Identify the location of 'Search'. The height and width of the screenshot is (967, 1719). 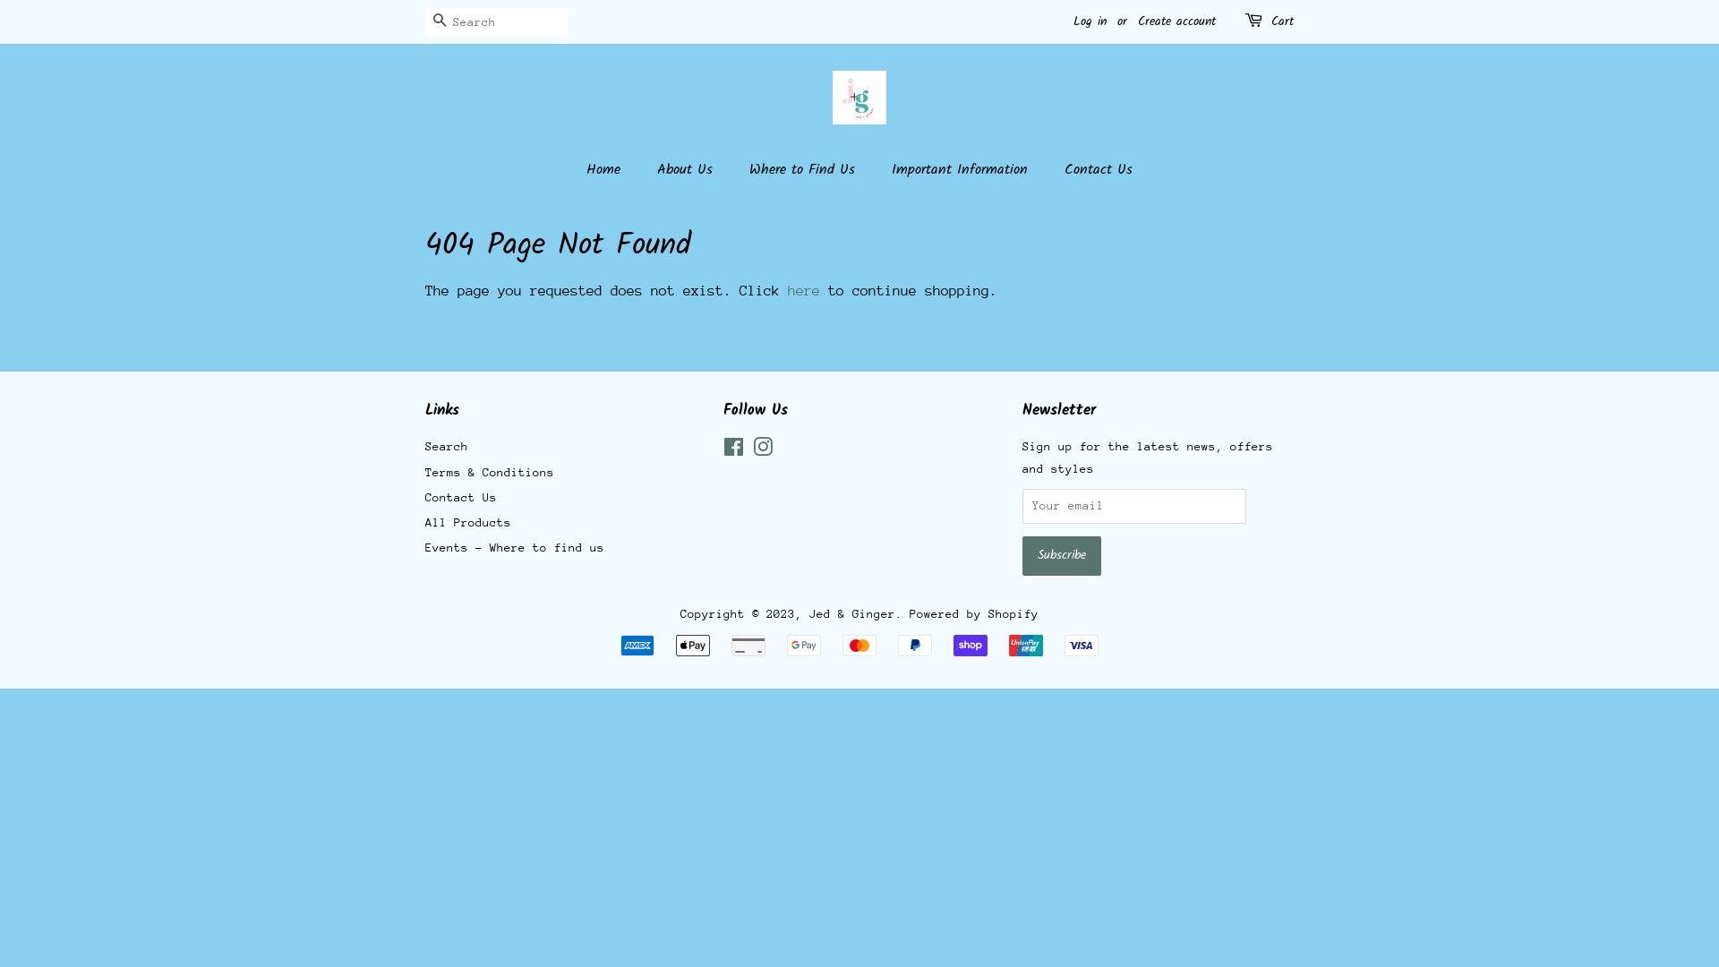
(439, 22).